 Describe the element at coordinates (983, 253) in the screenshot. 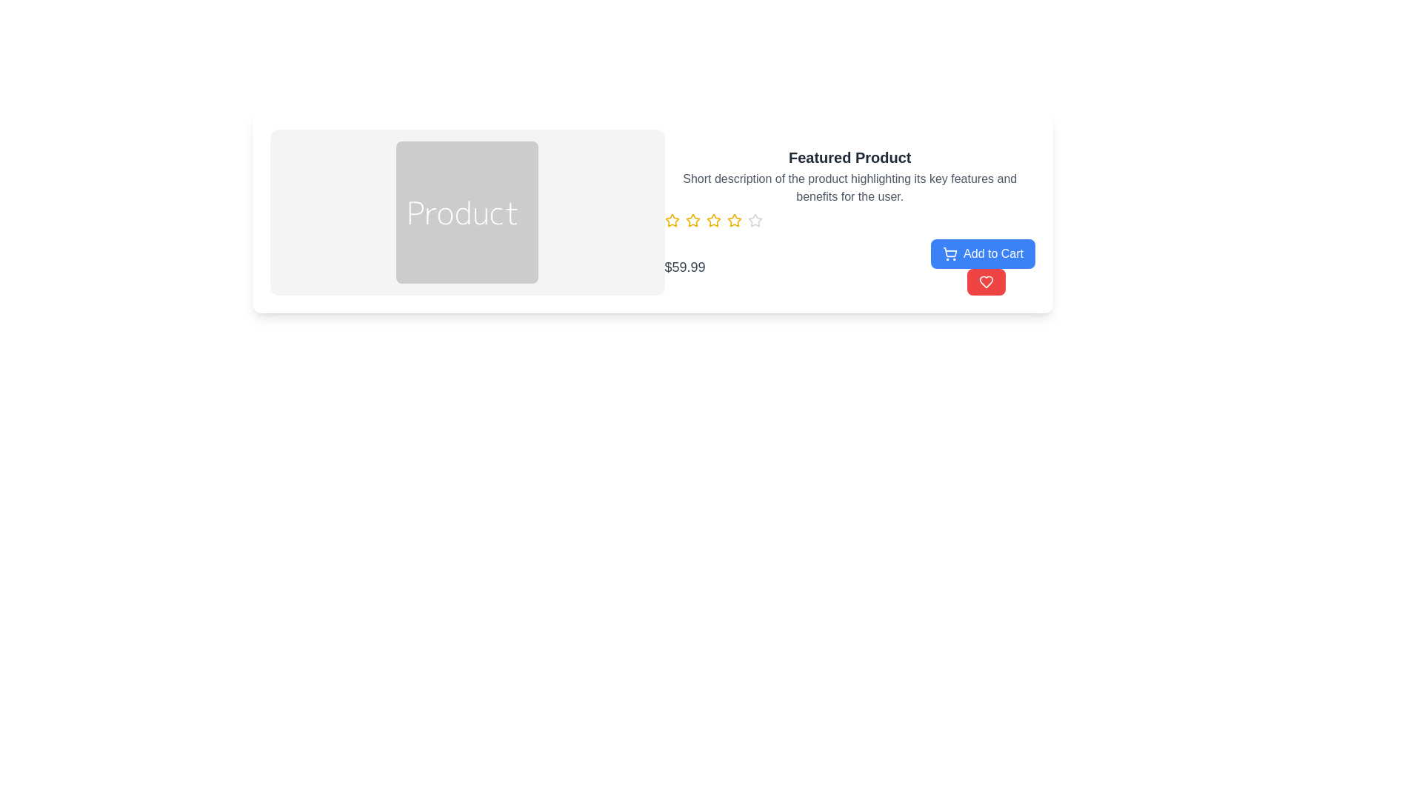

I see `the 'Add to Cart' button located in the 'Featured Product' section to observe the hover effect` at that location.